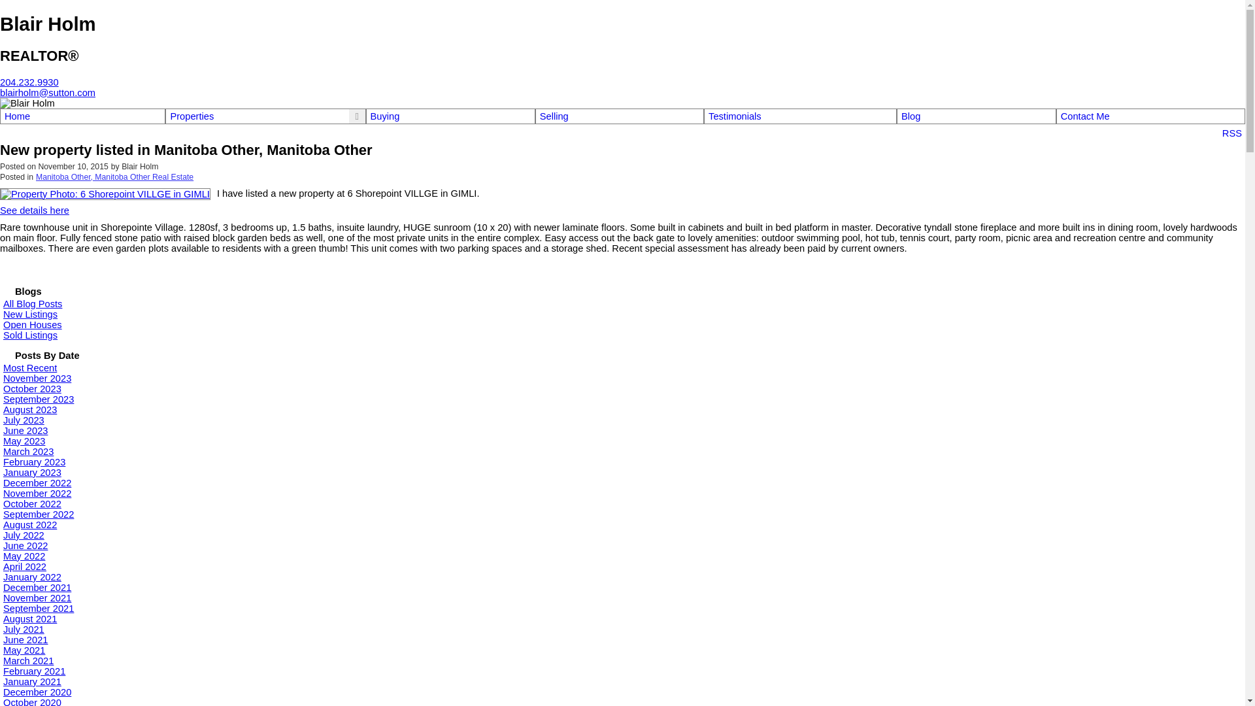 The width and height of the screenshot is (1255, 706). I want to click on 'November 2022', so click(37, 494).